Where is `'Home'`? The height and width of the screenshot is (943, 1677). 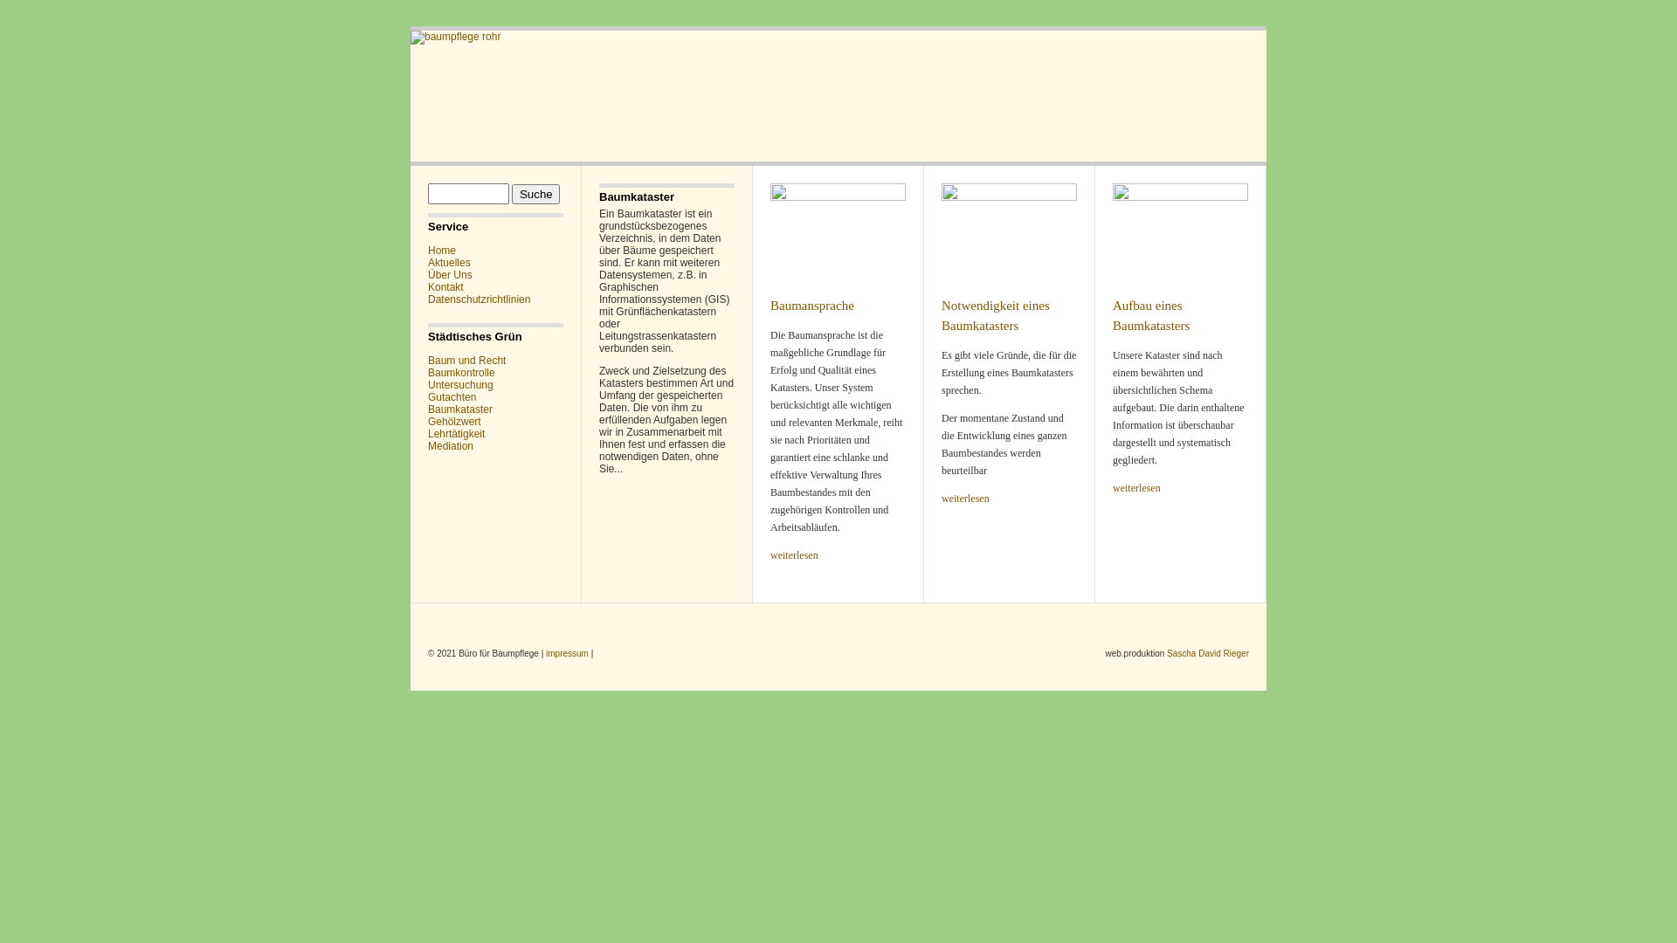 'Home' is located at coordinates (441, 250).